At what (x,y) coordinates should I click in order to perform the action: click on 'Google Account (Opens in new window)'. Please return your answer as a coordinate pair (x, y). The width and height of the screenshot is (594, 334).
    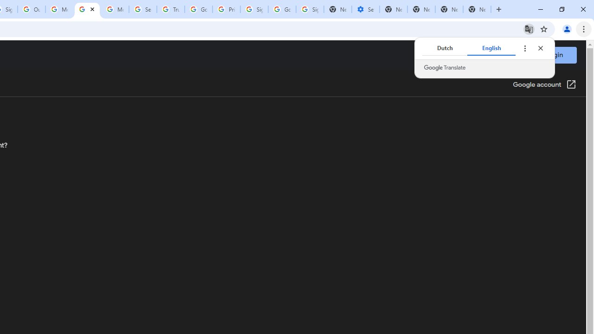
    Looking at the image, I should click on (544, 85).